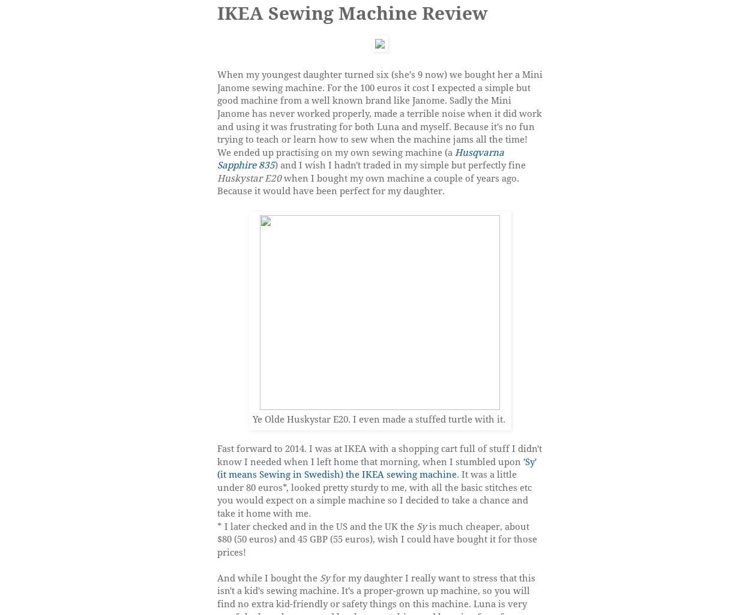 The image size is (755, 615). What do you see at coordinates (376, 538) in the screenshot?
I see `'is much cheaper, about $80 (50 euros) and 45 GBP (55 euros), wish I could have bought it for those prices!'` at bounding box center [376, 538].